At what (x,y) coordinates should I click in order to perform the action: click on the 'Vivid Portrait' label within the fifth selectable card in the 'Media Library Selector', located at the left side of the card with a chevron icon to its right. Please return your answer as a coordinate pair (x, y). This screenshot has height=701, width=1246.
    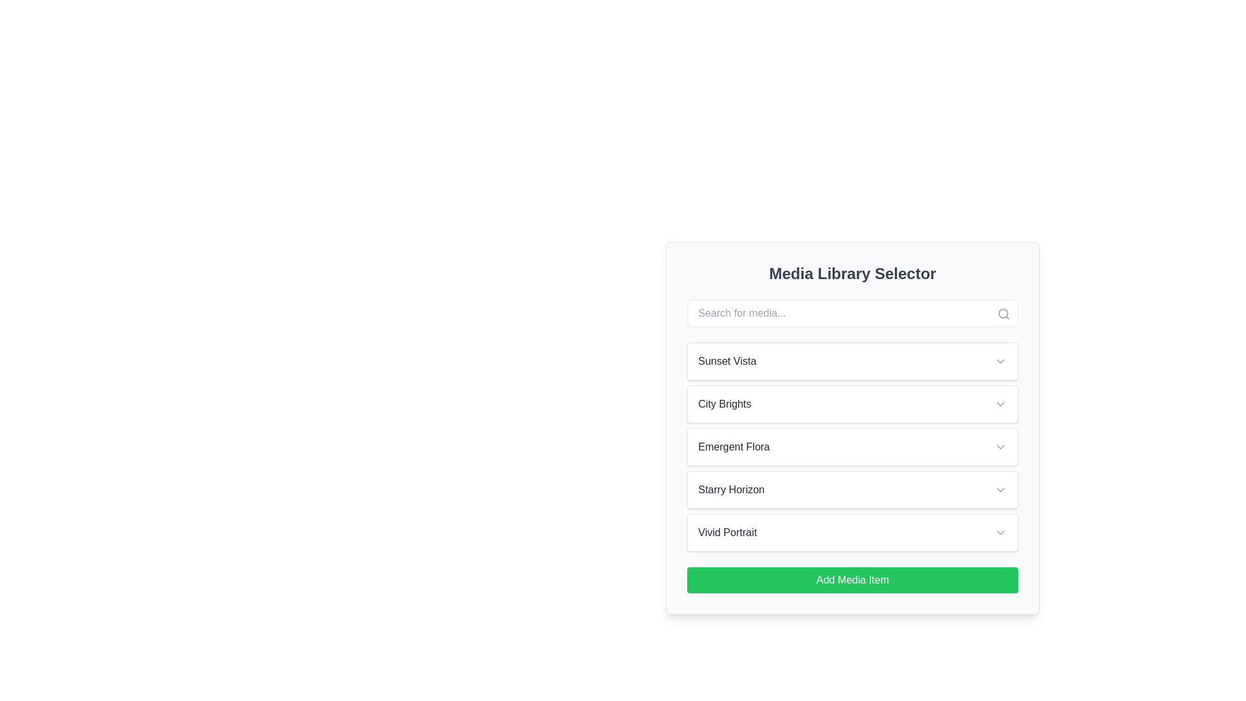
    Looking at the image, I should click on (727, 533).